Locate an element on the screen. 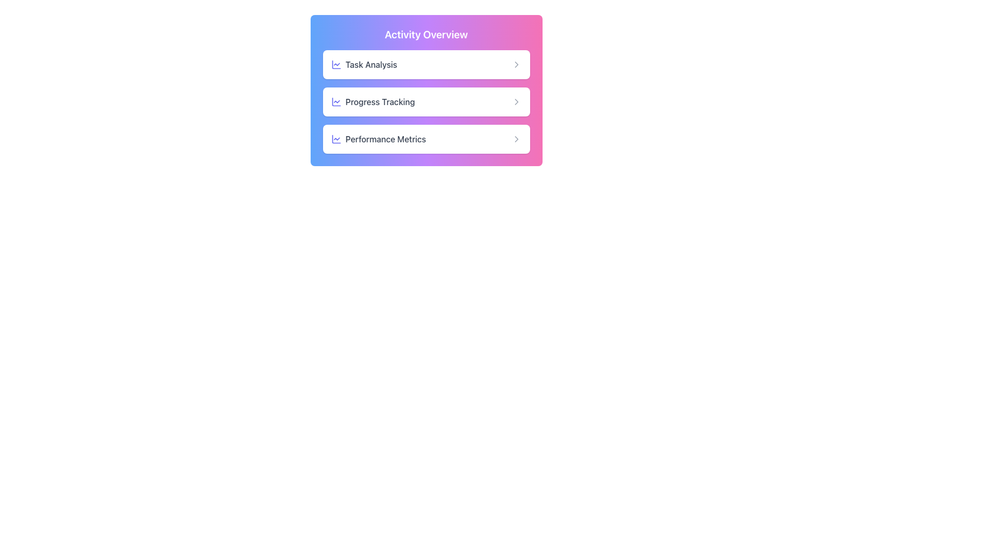 Image resolution: width=994 pixels, height=559 pixels. the 'Task Analysis' text label with a left-side icon, which displays the text in medium-weight gray font and is accompanied by an indigo line chart icon, located in the top section of the 'Activity Overview' card is located at coordinates (364, 64).